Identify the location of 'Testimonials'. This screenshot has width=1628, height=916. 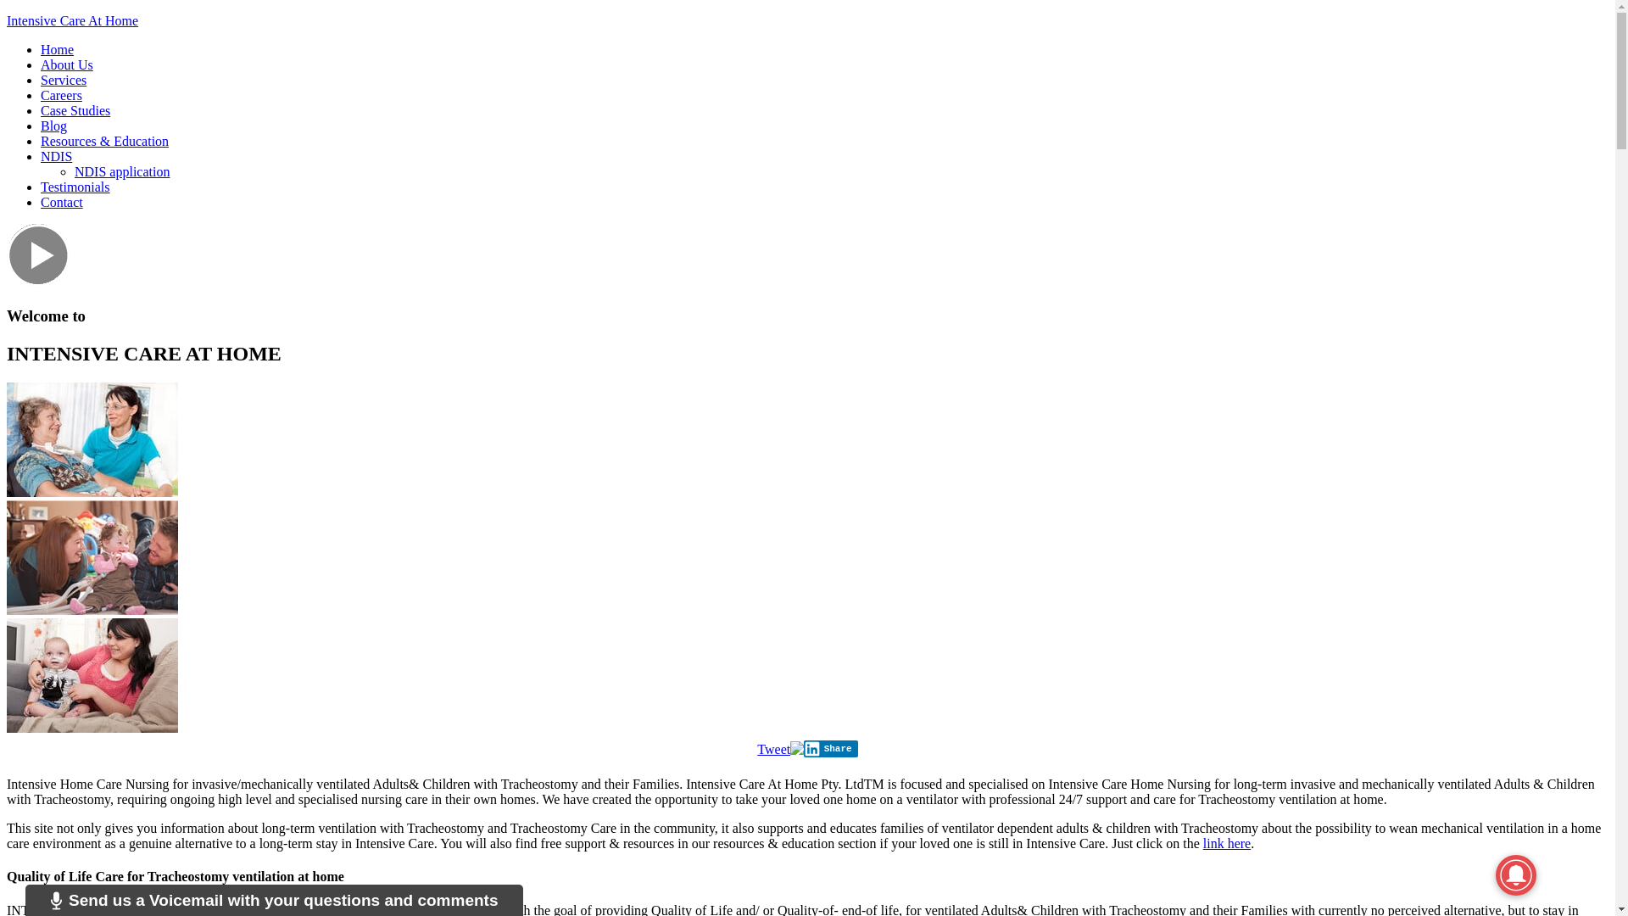
(75, 187).